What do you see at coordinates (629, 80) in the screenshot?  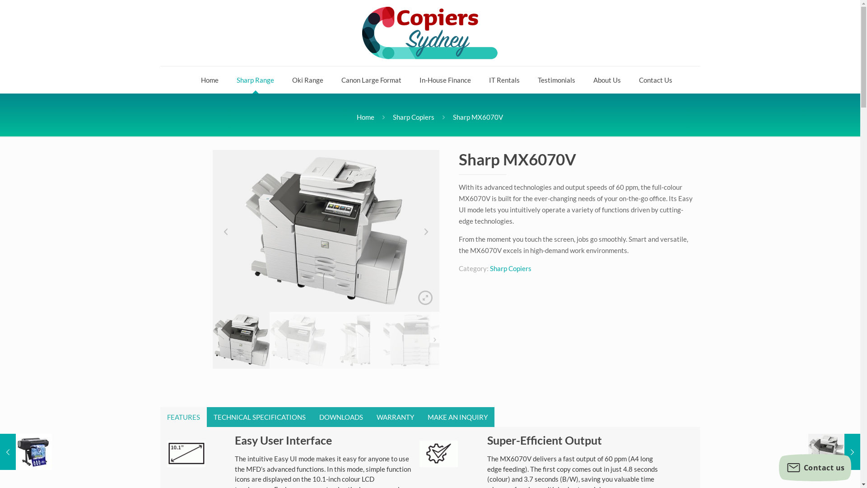 I see `'Contact Us'` at bounding box center [629, 80].